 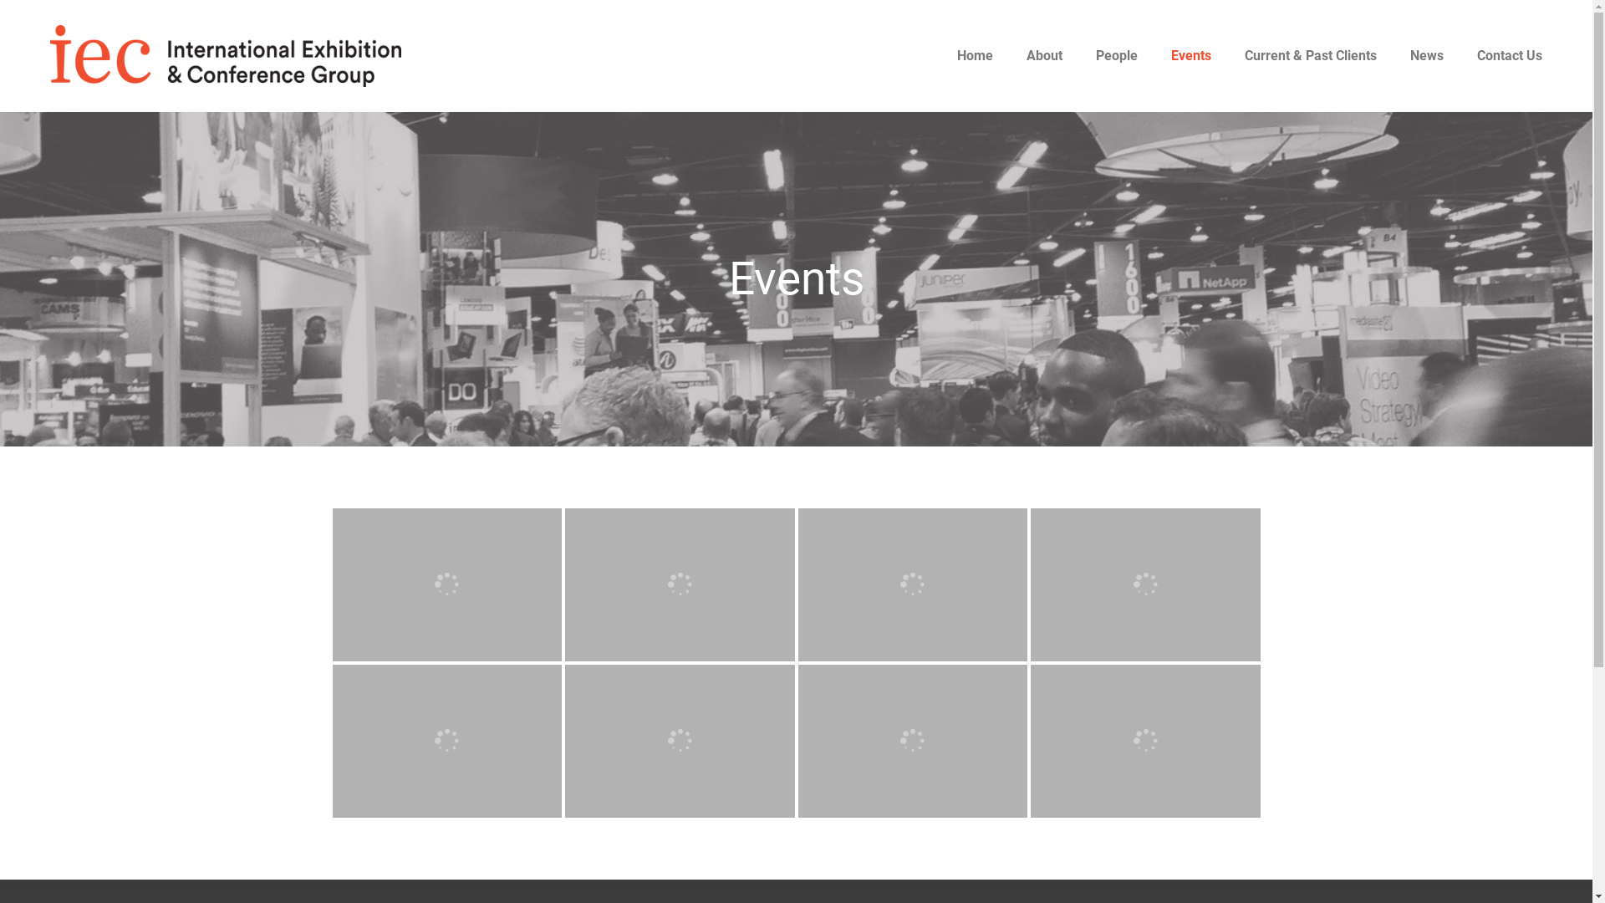 I want to click on 'Contact Us', so click(x=1509, y=54).